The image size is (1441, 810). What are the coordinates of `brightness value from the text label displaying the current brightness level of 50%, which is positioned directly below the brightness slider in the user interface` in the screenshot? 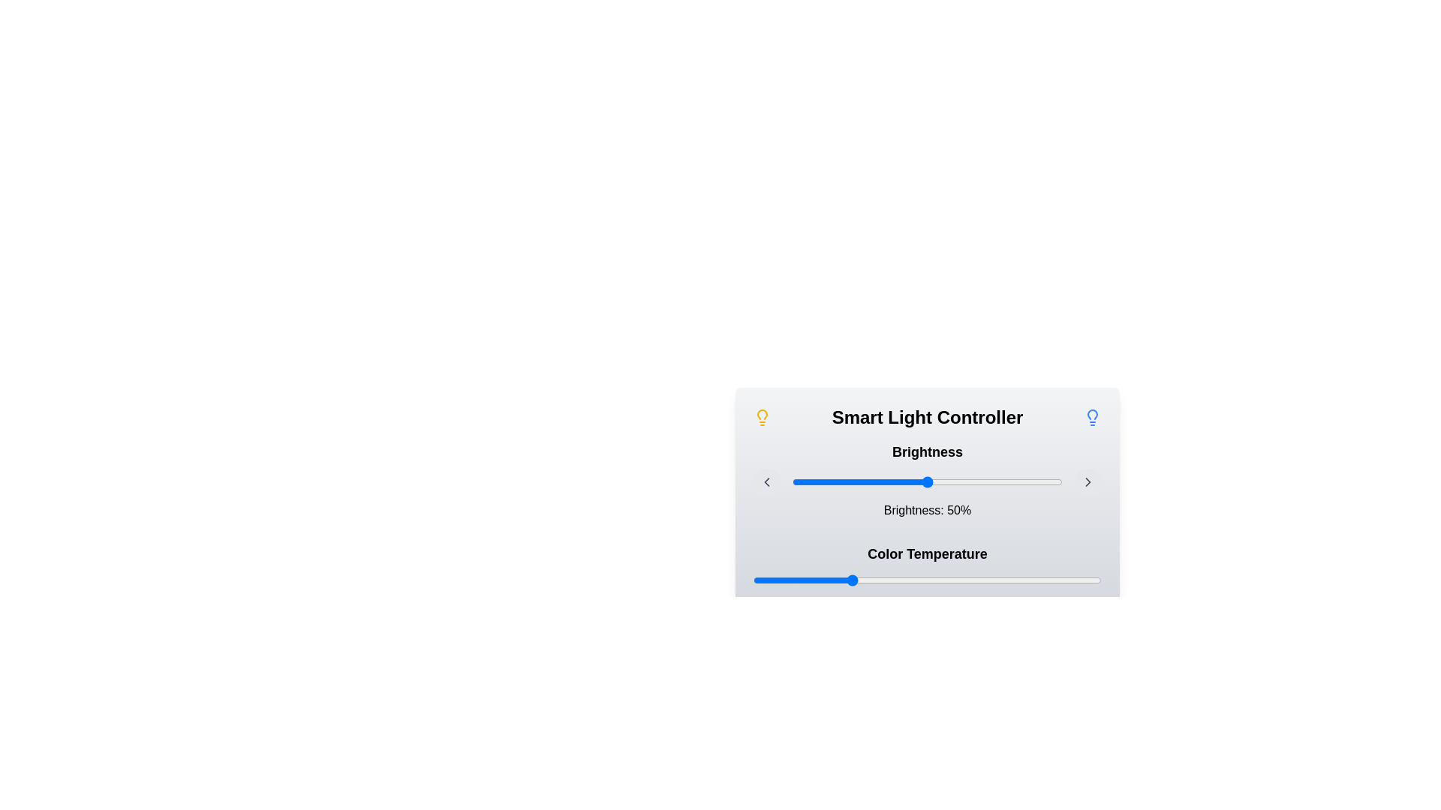 It's located at (927, 480).